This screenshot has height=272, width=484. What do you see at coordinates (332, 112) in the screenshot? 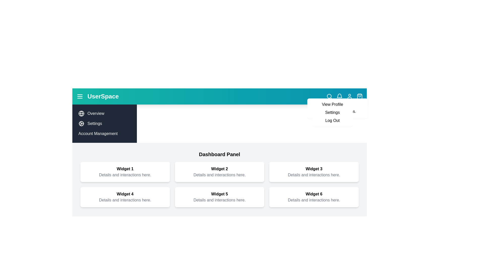
I see `the 'Settings' menu item, which is the second item in the dropdown menu located at the upper right corner of the interface` at bounding box center [332, 112].